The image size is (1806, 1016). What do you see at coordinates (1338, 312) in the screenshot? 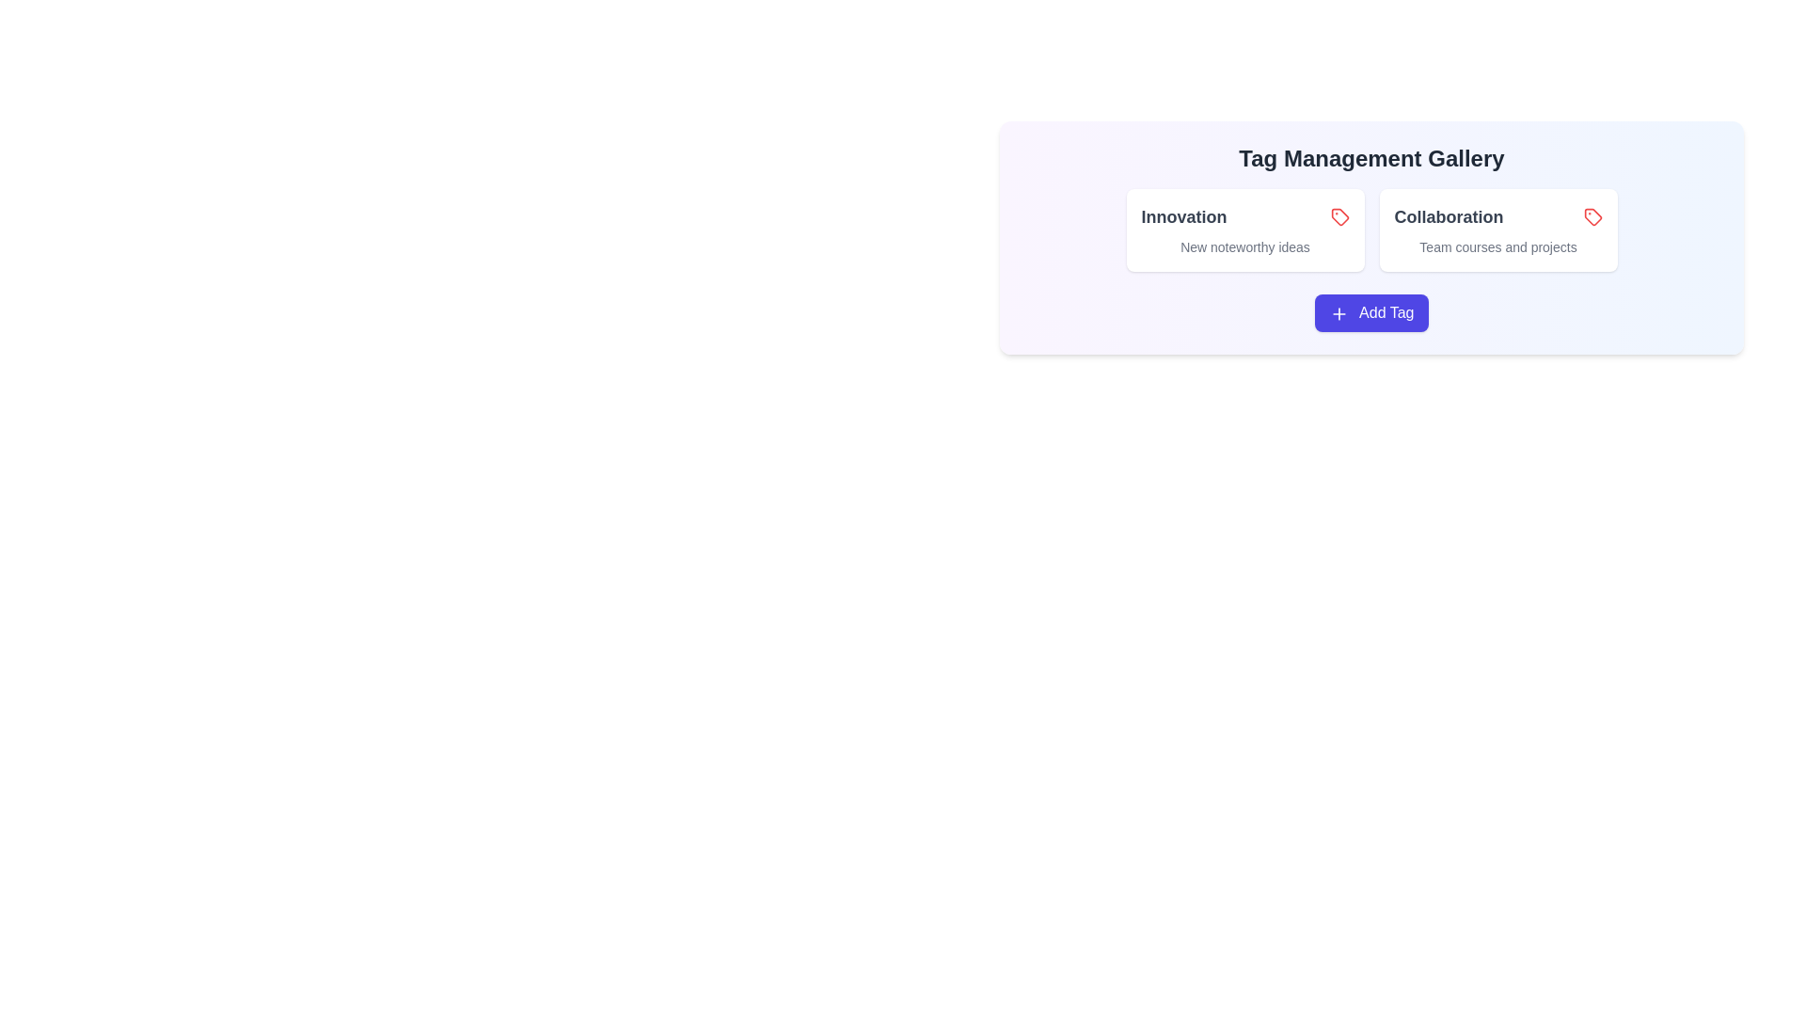
I see `the 'Add Tag' button, which contains a plus icon styled with a pale line representing a cross` at bounding box center [1338, 312].